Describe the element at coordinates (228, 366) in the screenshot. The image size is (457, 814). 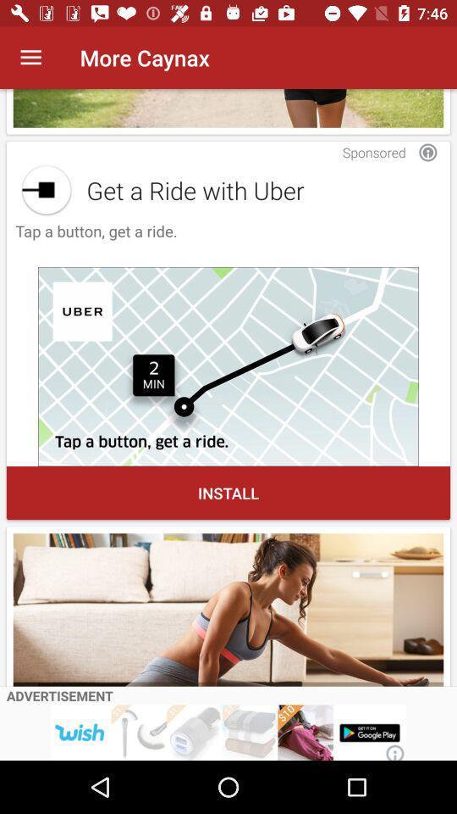
I see `ride` at that location.